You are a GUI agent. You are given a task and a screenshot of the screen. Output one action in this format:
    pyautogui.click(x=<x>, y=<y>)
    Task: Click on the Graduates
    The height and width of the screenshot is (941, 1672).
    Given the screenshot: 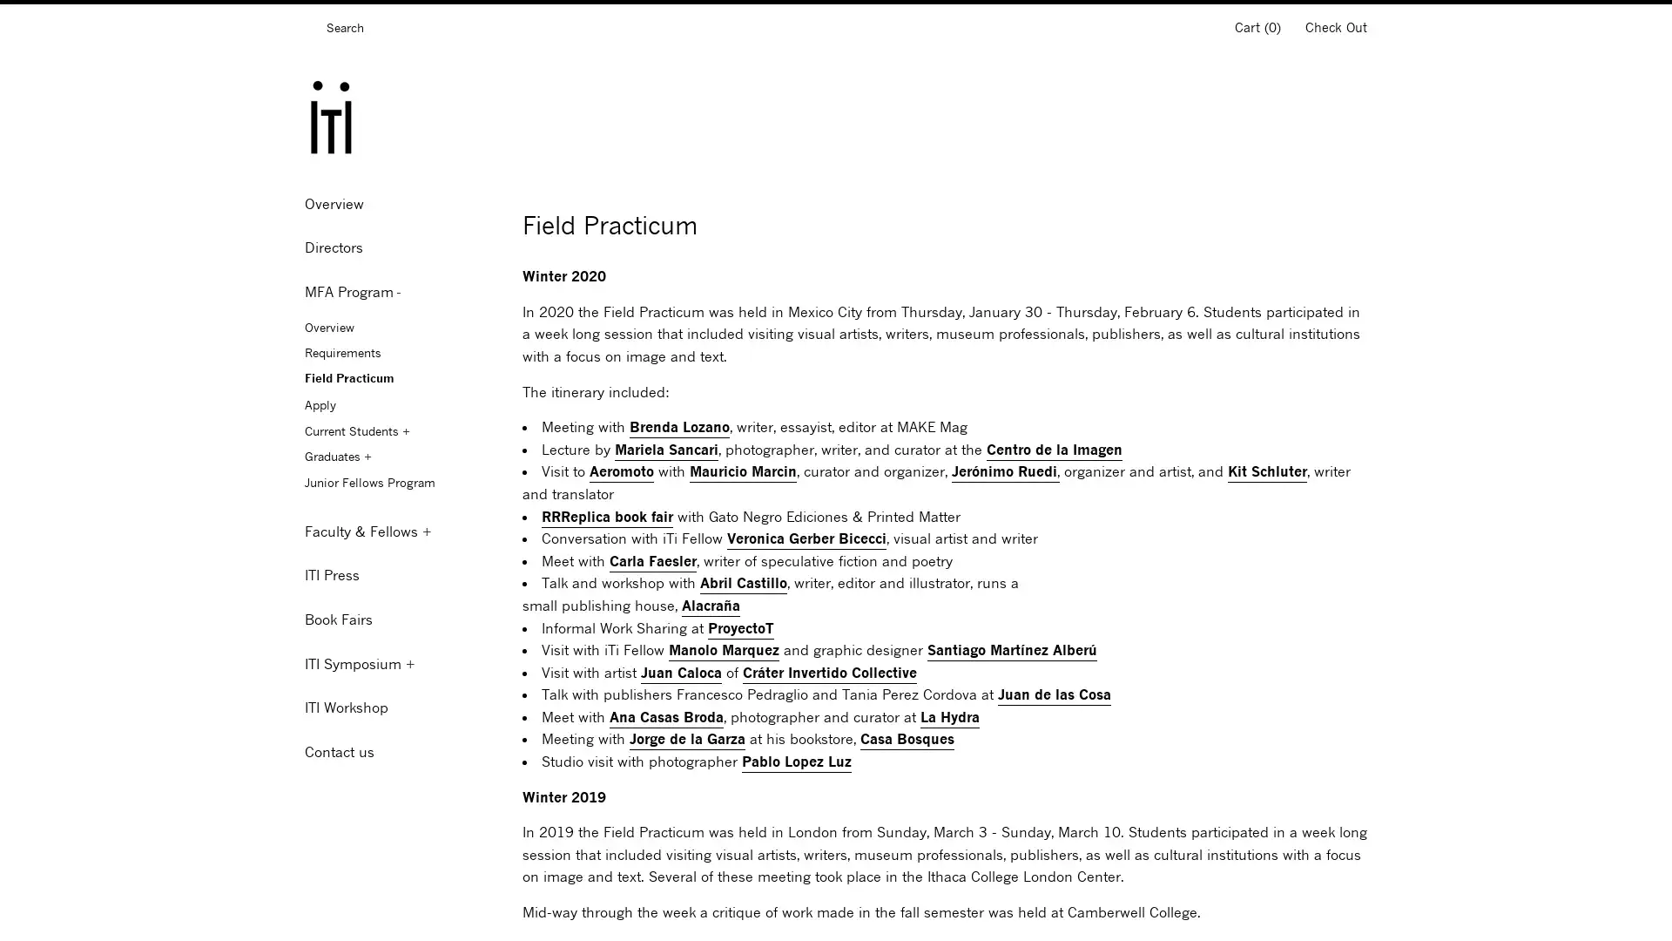 What is the action you would take?
    pyautogui.click(x=400, y=456)
    